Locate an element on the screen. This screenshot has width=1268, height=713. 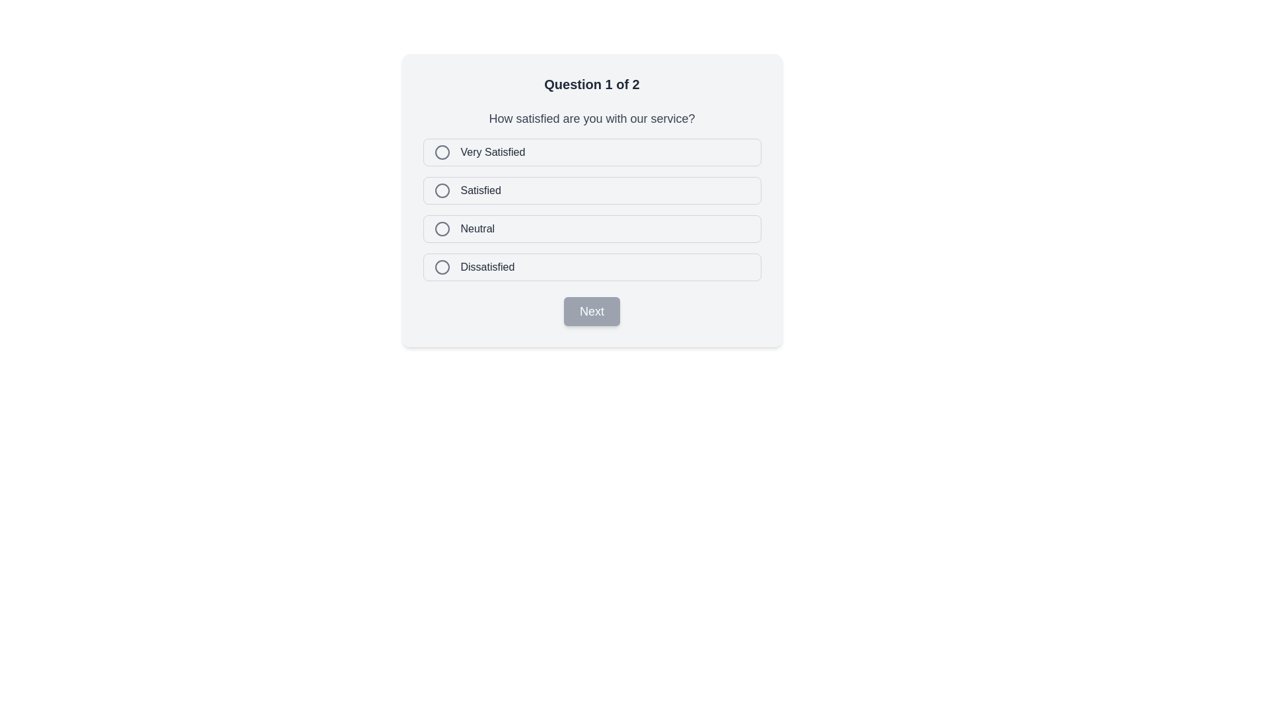
the 'Dissatisfied' radio button icon is located at coordinates (442, 267).